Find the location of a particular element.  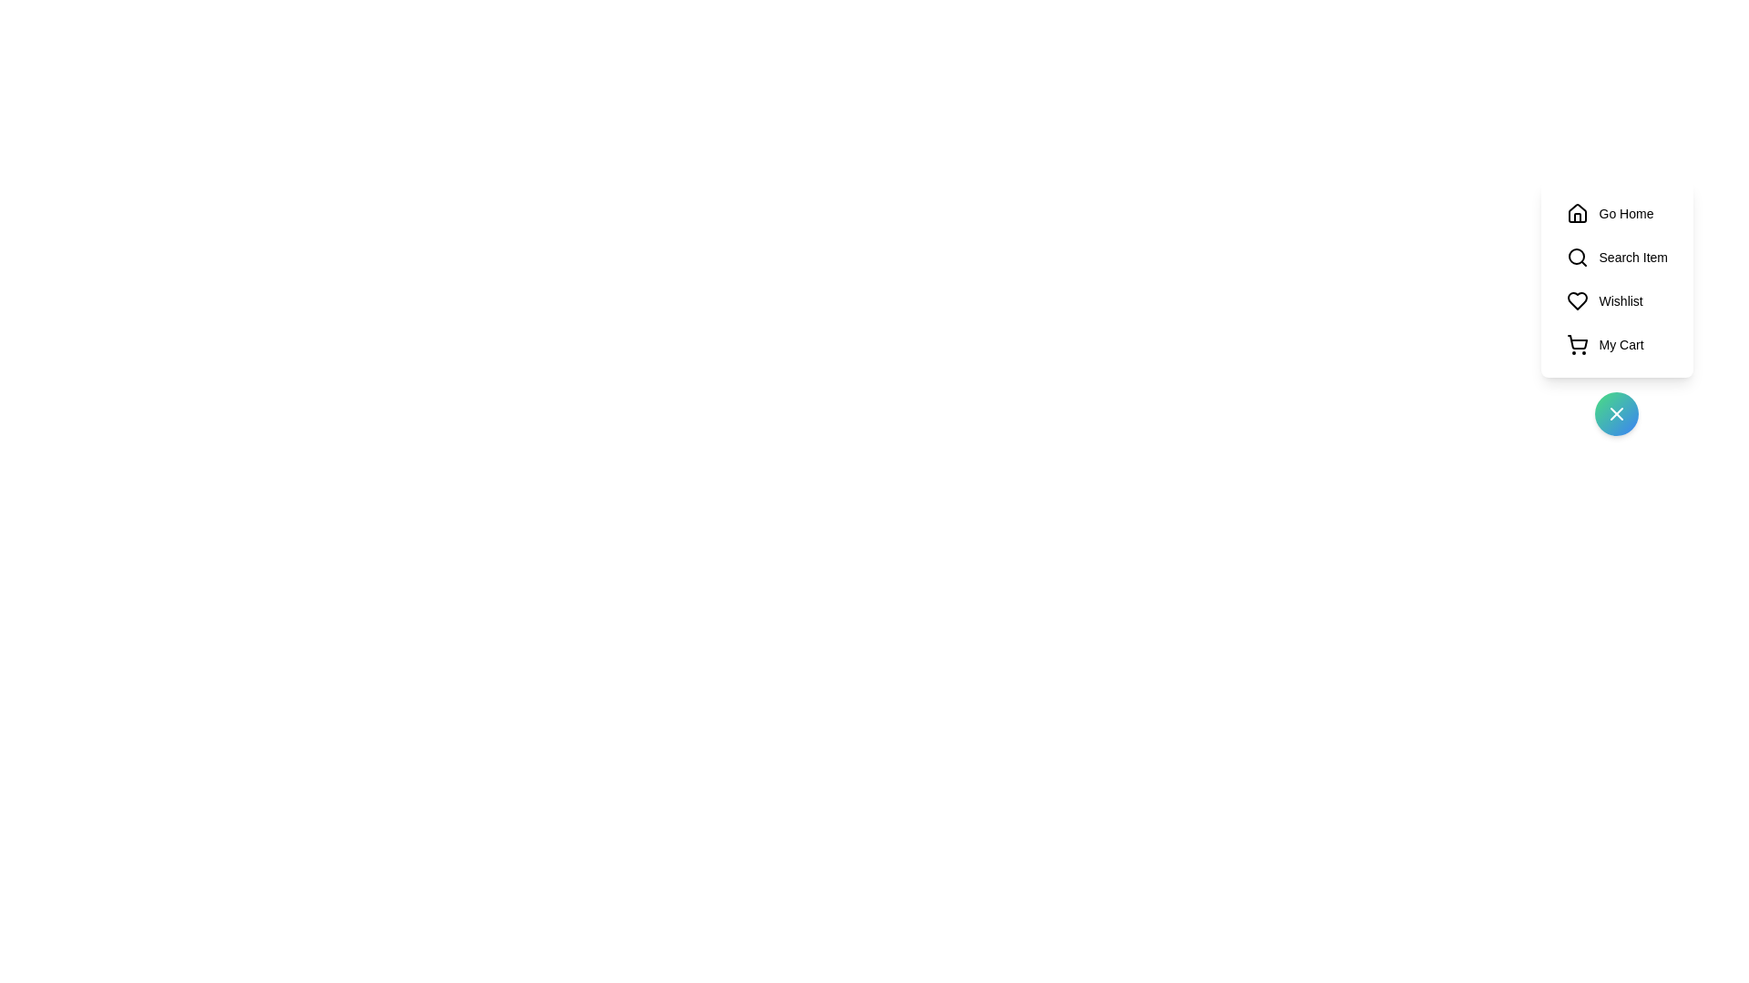

the 'Wishlist' option in the menu is located at coordinates (1617, 300).